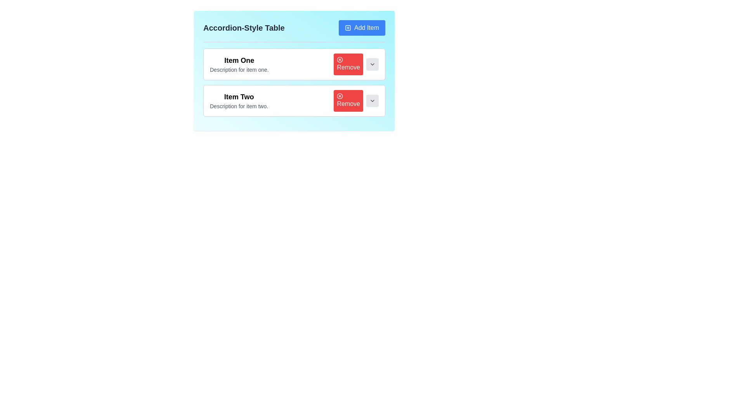  What do you see at coordinates (348, 64) in the screenshot?
I see `the 'Remove' button located on the right side of the top accordion item` at bounding box center [348, 64].